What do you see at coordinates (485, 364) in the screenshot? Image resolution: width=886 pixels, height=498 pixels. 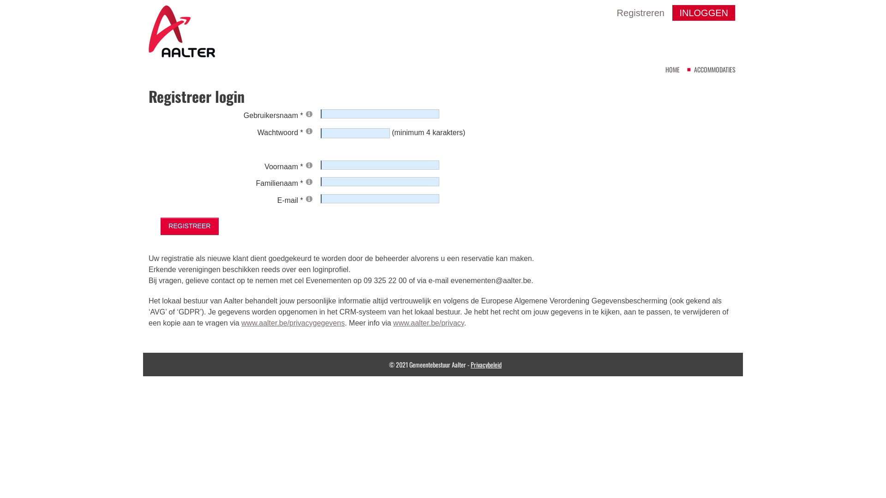 I see `'Privacybeleid'` at bounding box center [485, 364].